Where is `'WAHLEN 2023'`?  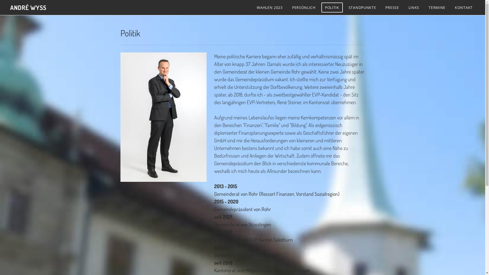 'WAHLEN 2023' is located at coordinates (253, 7).